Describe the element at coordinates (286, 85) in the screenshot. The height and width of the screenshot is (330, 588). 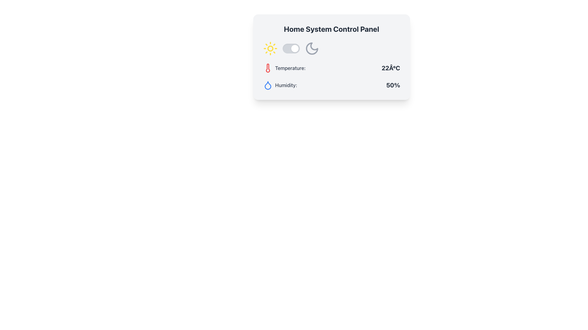
I see `the humidity level text label located immediately to the right of the water droplet icon and aligned above the percentage value` at that location.